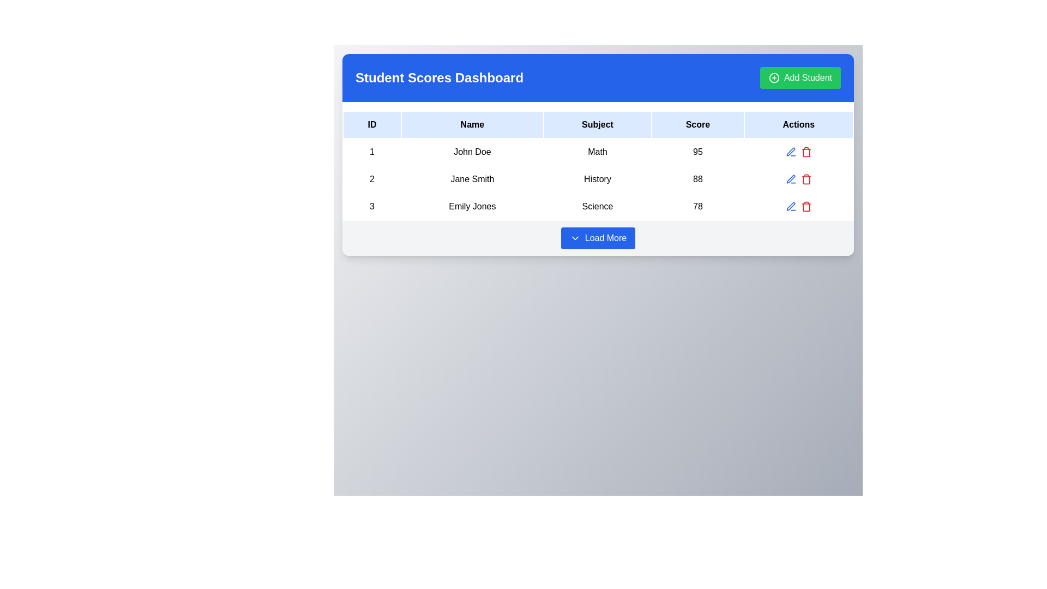 The image size is (1047, 589). What do you see at coordinates (598, 237) in the screenshot?
I see `the 'Load More' button with a blue background and white text located at the bottom of the 'Student Scores Dashboard'` at bounding box center [598, 237].